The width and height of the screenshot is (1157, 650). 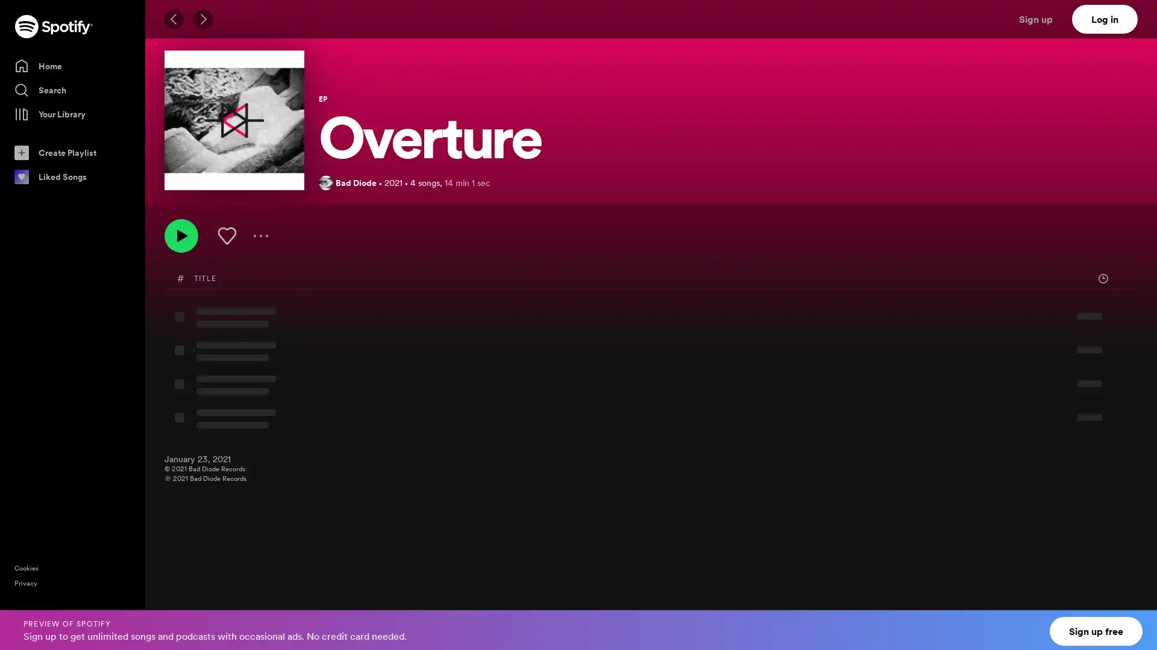 What do you see at coordinates (1137, 622) in the screenshot?
I see `Close` at bounding box center [1137, 622].